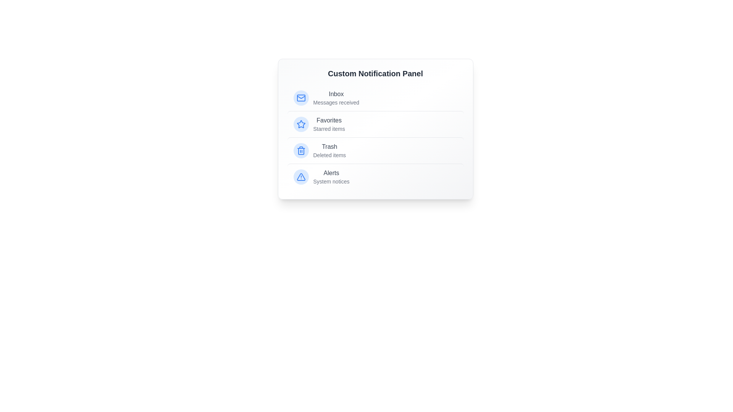 The image size is (733, 412). What do you see at coordinates (300, 177) in the screenshot?
I see `the icon associated with the list item Alerts` at bounding box center [300, 177].